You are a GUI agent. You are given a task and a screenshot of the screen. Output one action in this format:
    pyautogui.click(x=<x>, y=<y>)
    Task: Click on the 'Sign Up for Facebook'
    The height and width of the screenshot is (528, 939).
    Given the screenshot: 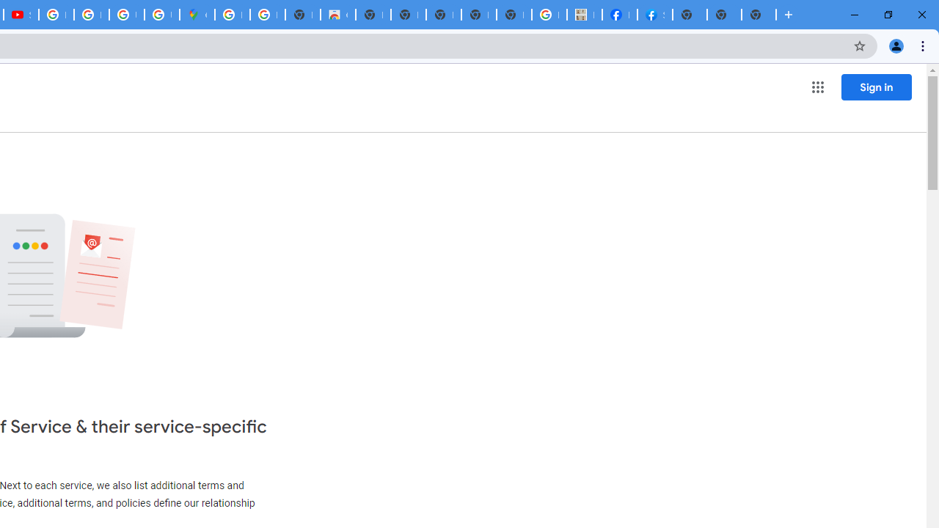 What is the action you would take?
    pyautogui.click(x=654, y=15)
    